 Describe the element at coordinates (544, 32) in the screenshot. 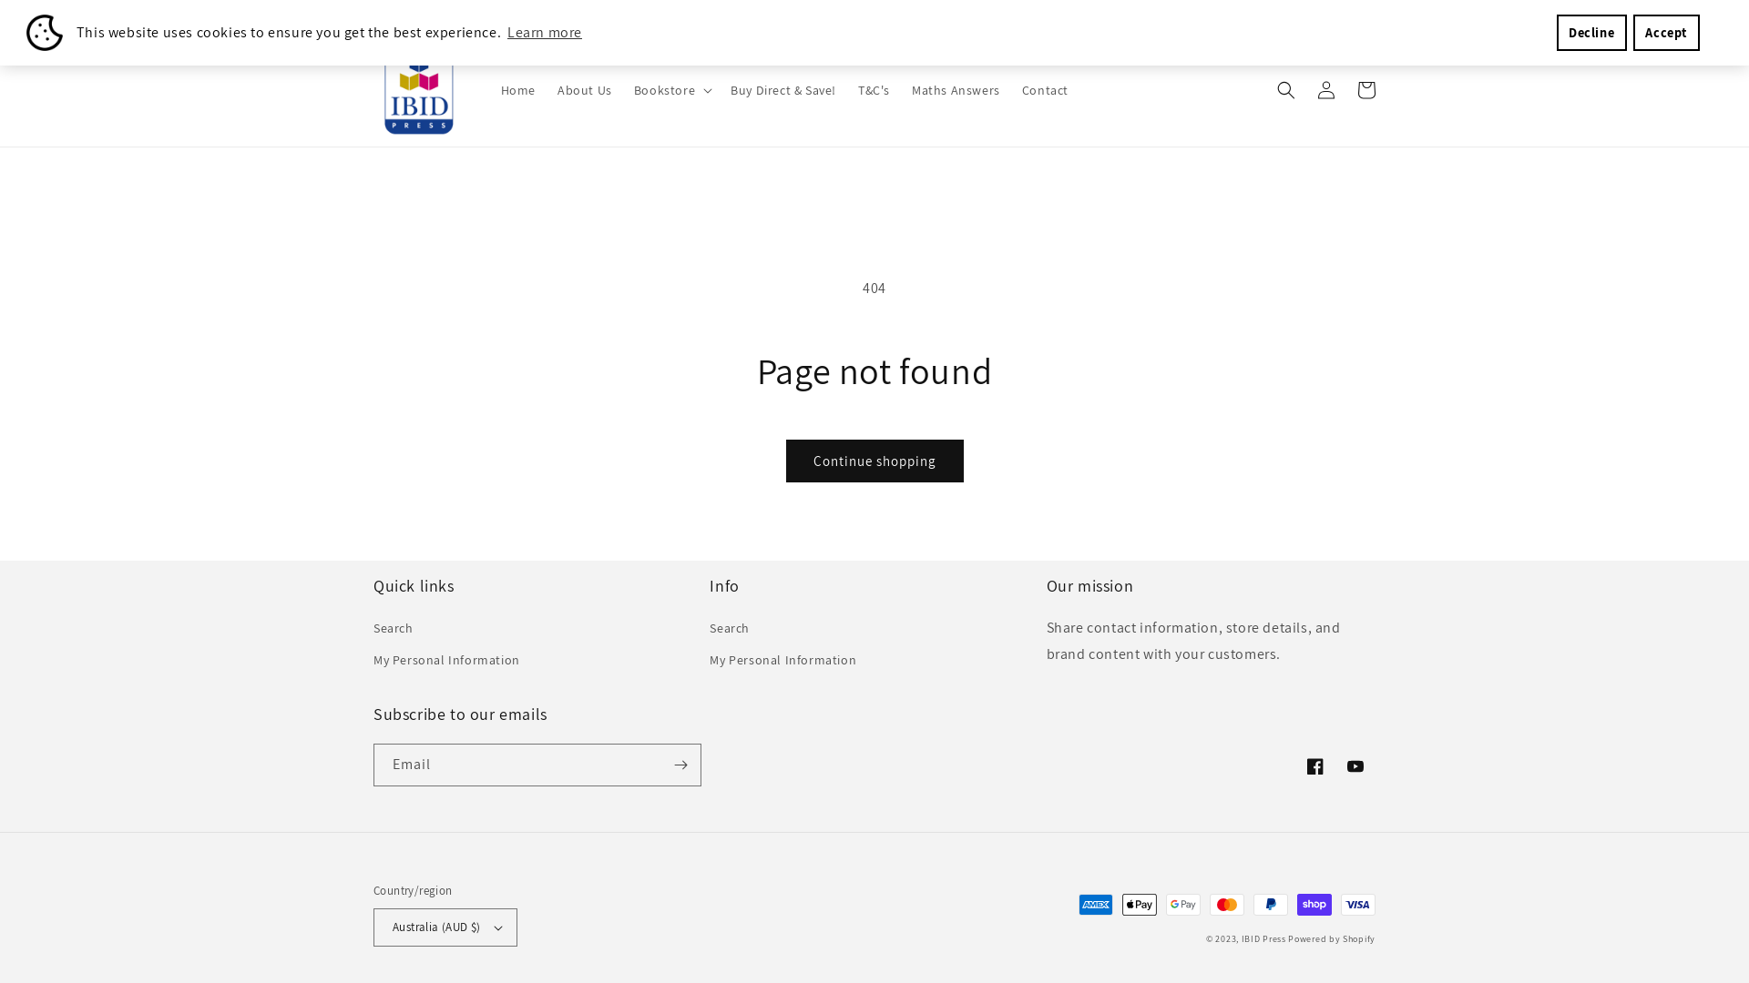

I see `'Learn more'` at that location.